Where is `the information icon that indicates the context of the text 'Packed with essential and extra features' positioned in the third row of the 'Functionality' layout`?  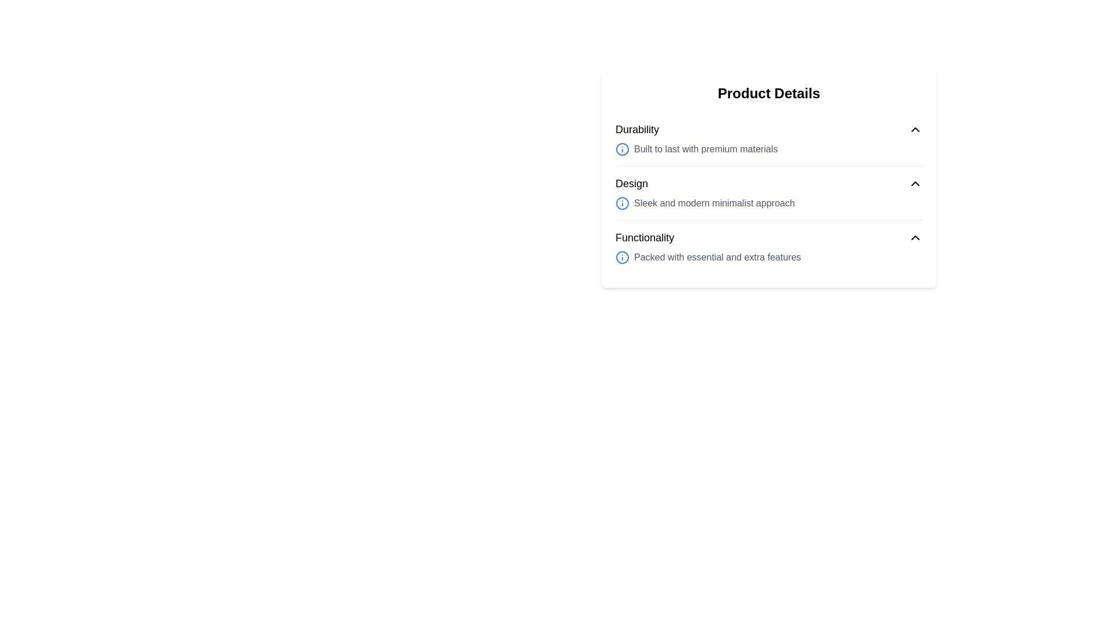
the information icon that indicates the context of the text 'Packed with essential and extra features' positioned in the third row of the 'Functionality' layout is located at coordinates (621, 257).